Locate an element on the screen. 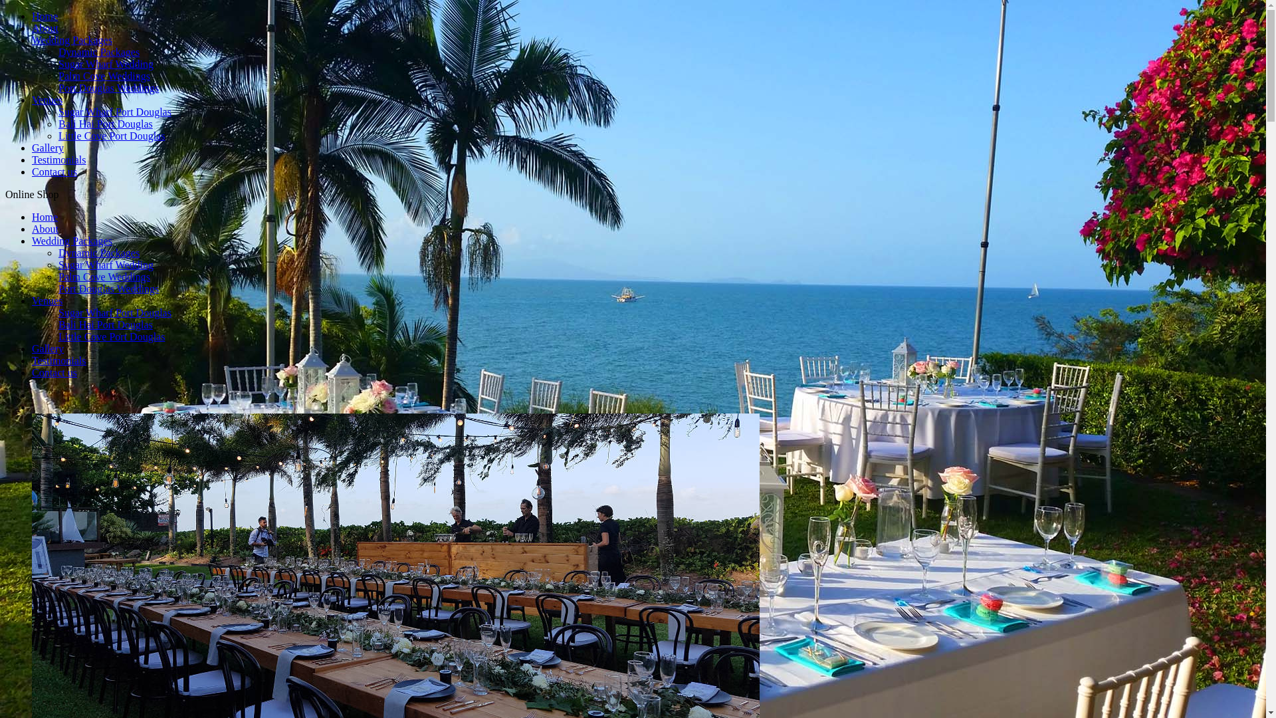 The image size is (1276, 718). 'About' is located at coordinates (45, 28).